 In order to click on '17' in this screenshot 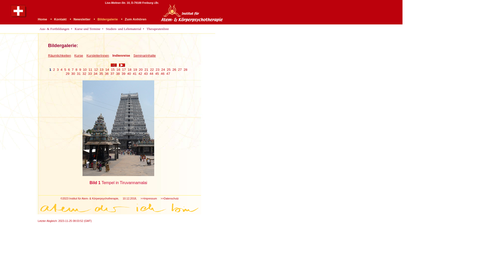, I will do `click(122, 70)`.